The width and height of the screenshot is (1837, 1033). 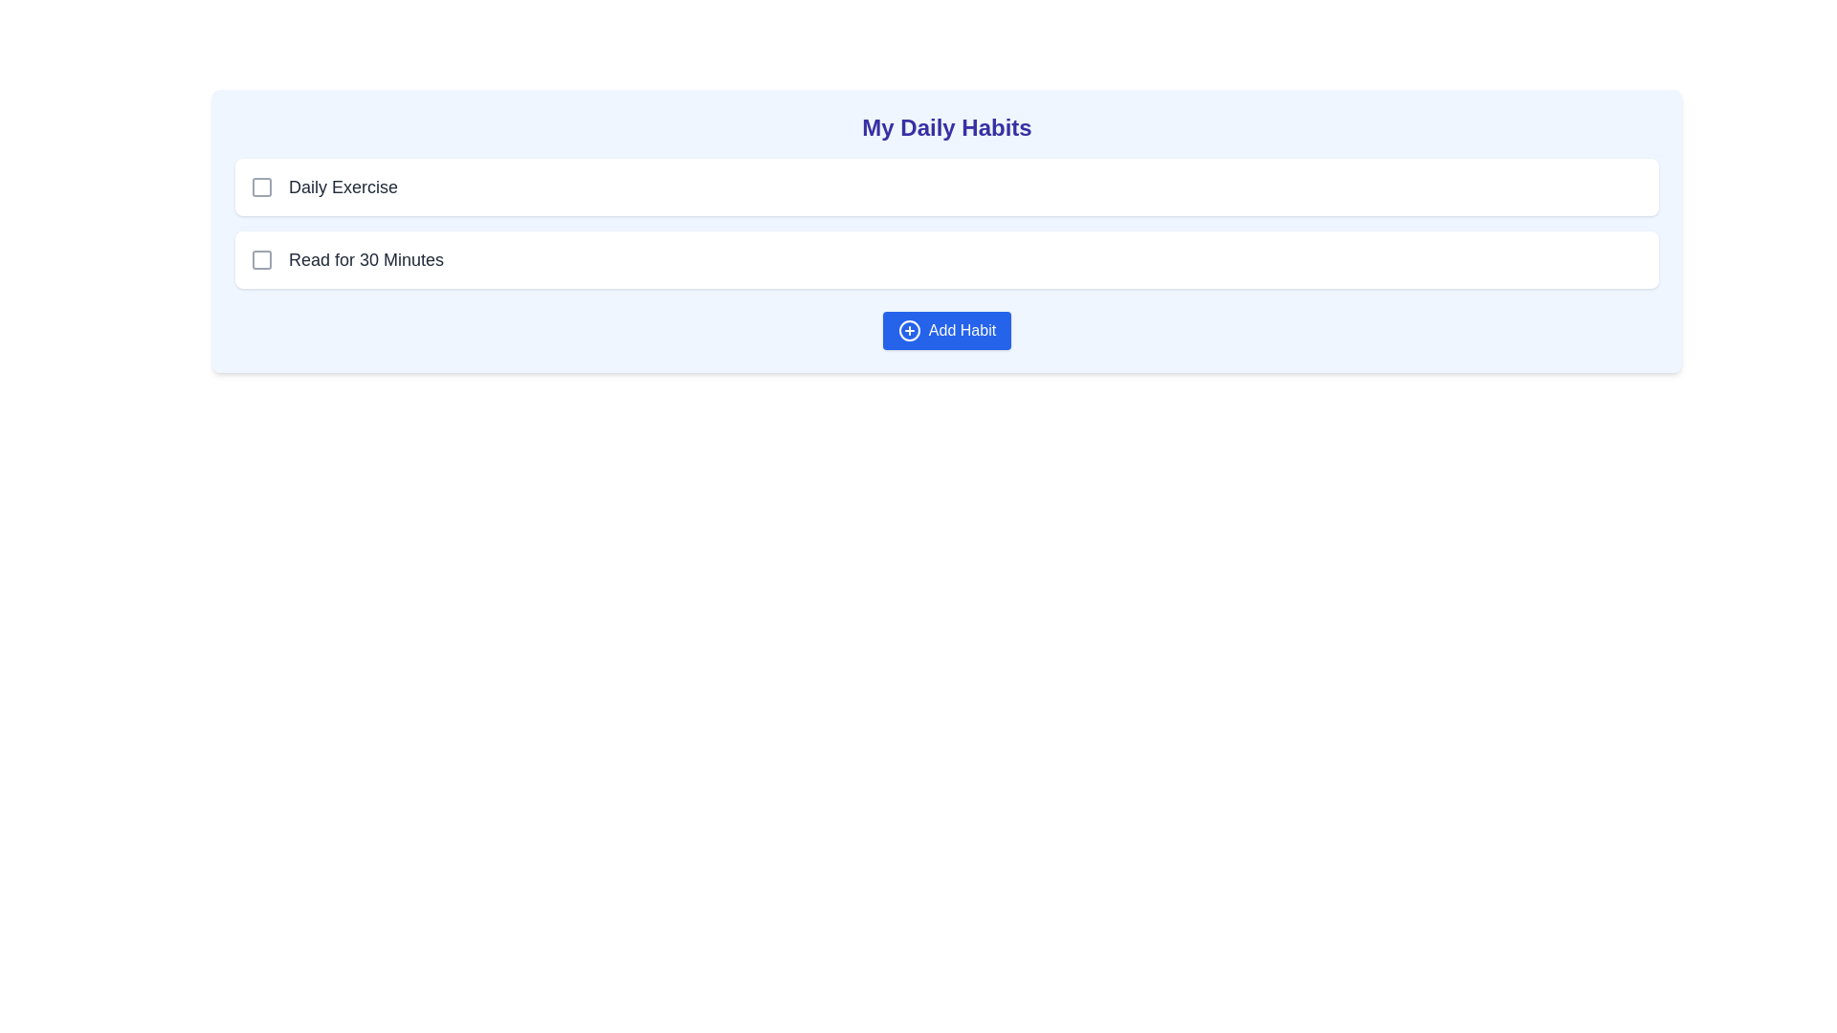 What do you see at coordinates (908, 330) in the screenshot?
I see `the circular icon with a plus sign located to the left of the 'Add Habit' text within the blue rectangular button` at bounding box center [908, 330].